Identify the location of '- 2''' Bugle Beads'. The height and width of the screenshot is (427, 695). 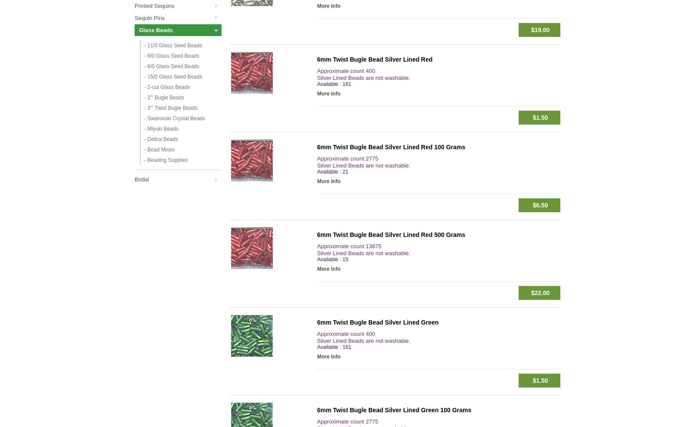
(144, 98).